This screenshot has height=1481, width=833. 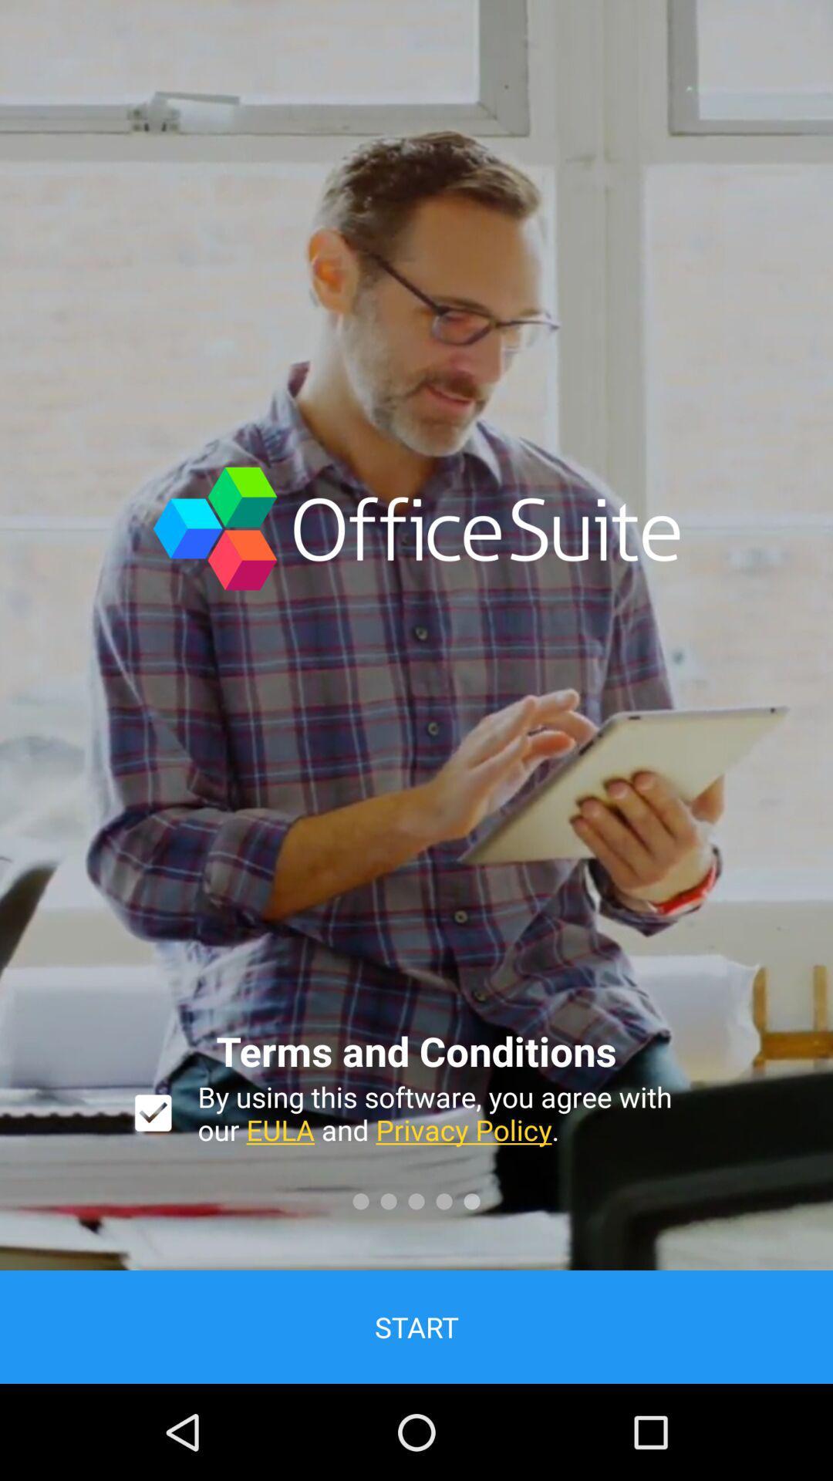 What do you see at coordinates (153, 1113) in the screenshot?
I see `box` at bounding box center [153, 1113].